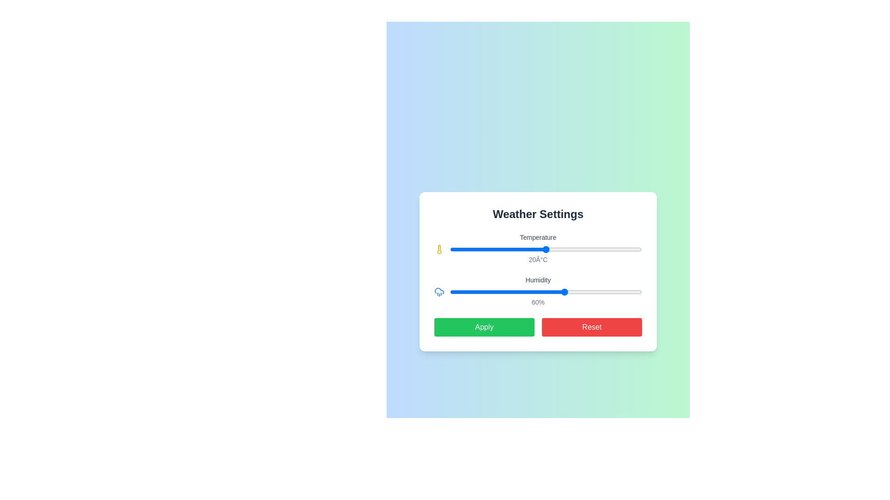  I want to click on humidity, so click(552, 292).